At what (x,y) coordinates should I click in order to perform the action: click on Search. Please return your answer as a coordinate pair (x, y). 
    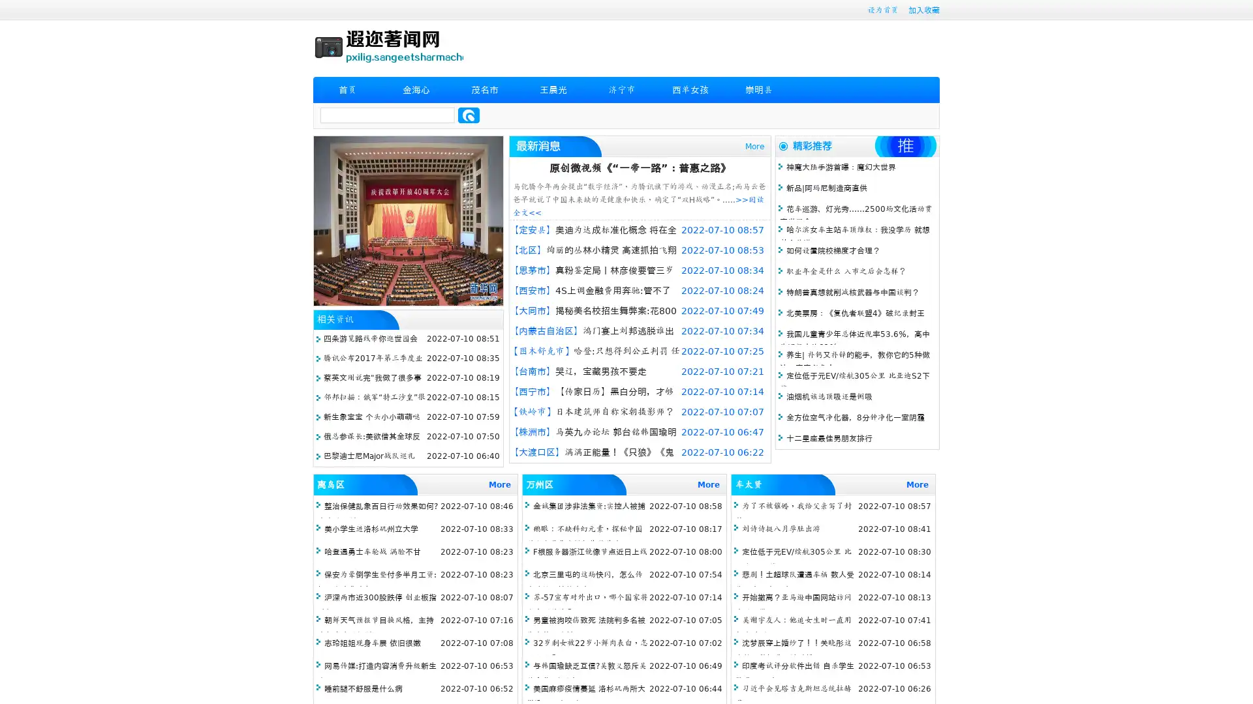
    Looking at the image, I should click on (469, 115).